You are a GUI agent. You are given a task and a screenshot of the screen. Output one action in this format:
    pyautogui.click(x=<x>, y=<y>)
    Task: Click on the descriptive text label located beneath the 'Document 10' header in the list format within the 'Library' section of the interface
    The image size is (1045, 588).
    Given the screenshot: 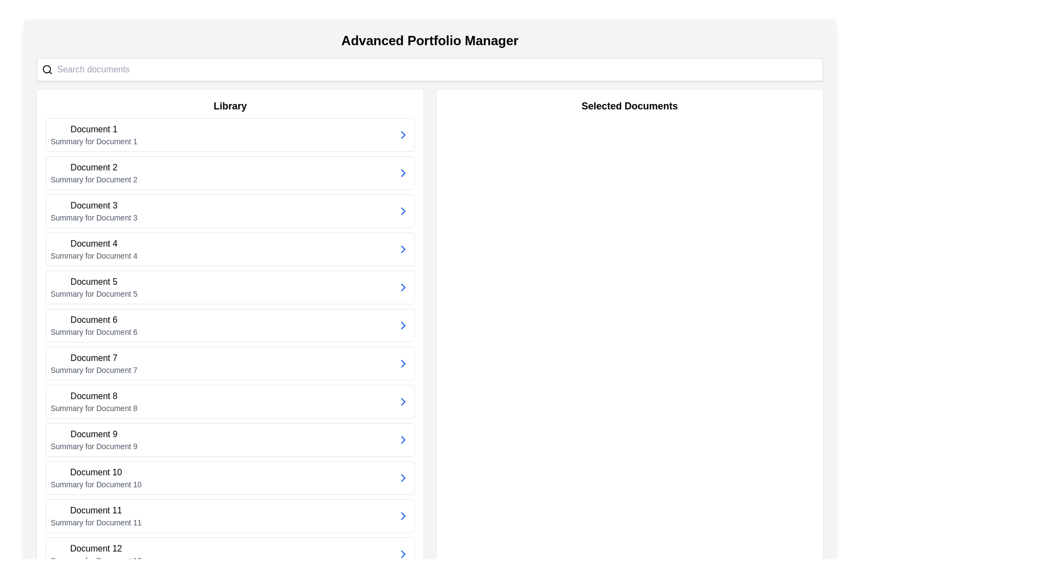 What is the action you would take?
    pyautogui.click(x=96, y=484)
    